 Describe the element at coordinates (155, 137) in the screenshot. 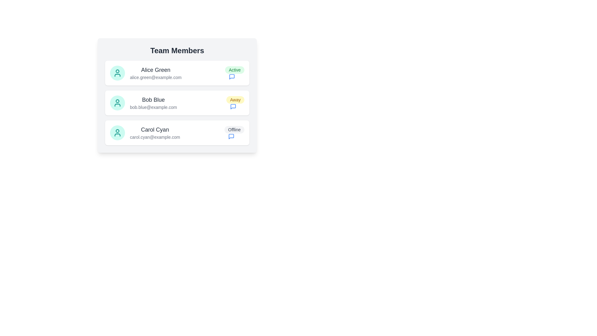

I see `the email address text label 'carol.cyan@example.com' located beneath the name 'Carol Cyan'` at that location.